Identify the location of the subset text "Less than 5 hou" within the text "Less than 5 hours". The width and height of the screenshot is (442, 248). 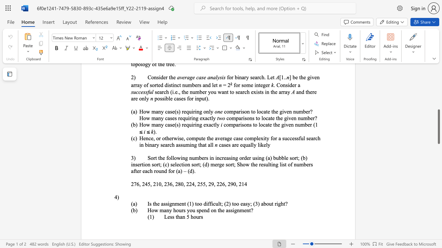
(164, 216).